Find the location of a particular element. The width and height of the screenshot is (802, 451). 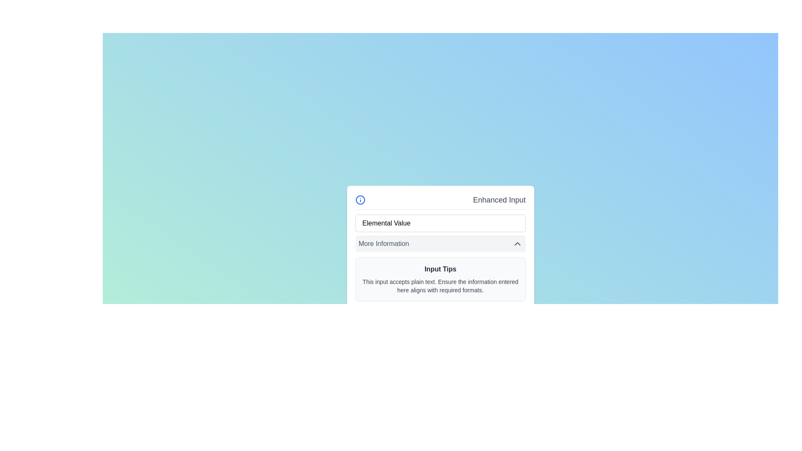

the chevron icon located in the 'More Information' section, which indicates collapsibility and is positioned next to the section's text label is located at coordinates (517, 243).